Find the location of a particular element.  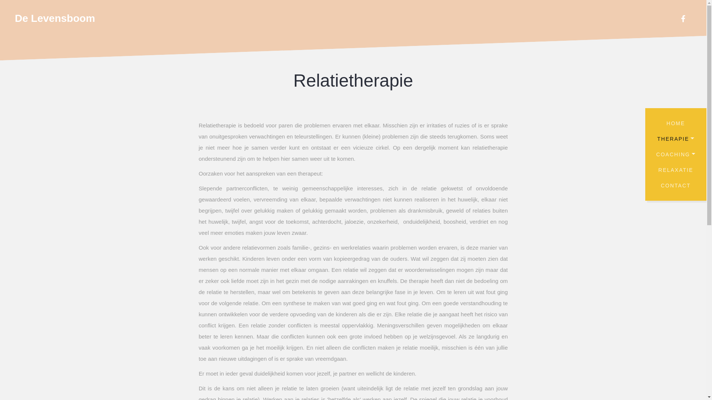

'RELAXATIE' is located at coordinates (676, 170).